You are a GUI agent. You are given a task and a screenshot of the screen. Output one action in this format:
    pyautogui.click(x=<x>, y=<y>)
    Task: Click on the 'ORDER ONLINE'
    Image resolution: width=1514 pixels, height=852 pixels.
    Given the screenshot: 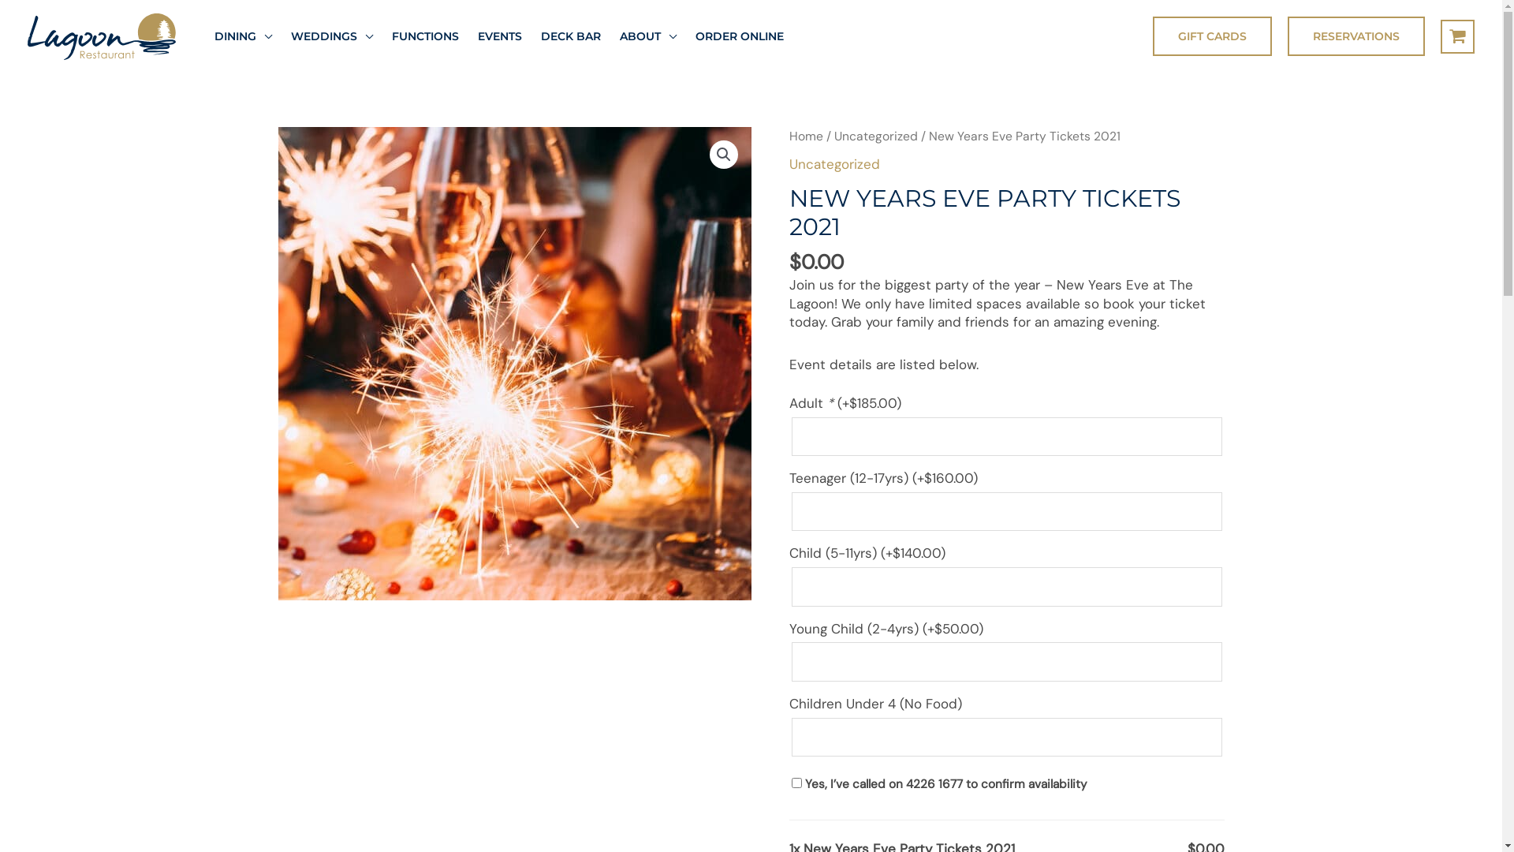 What is the action you would take?
    pyautogui.click(x=738, y=35)
    